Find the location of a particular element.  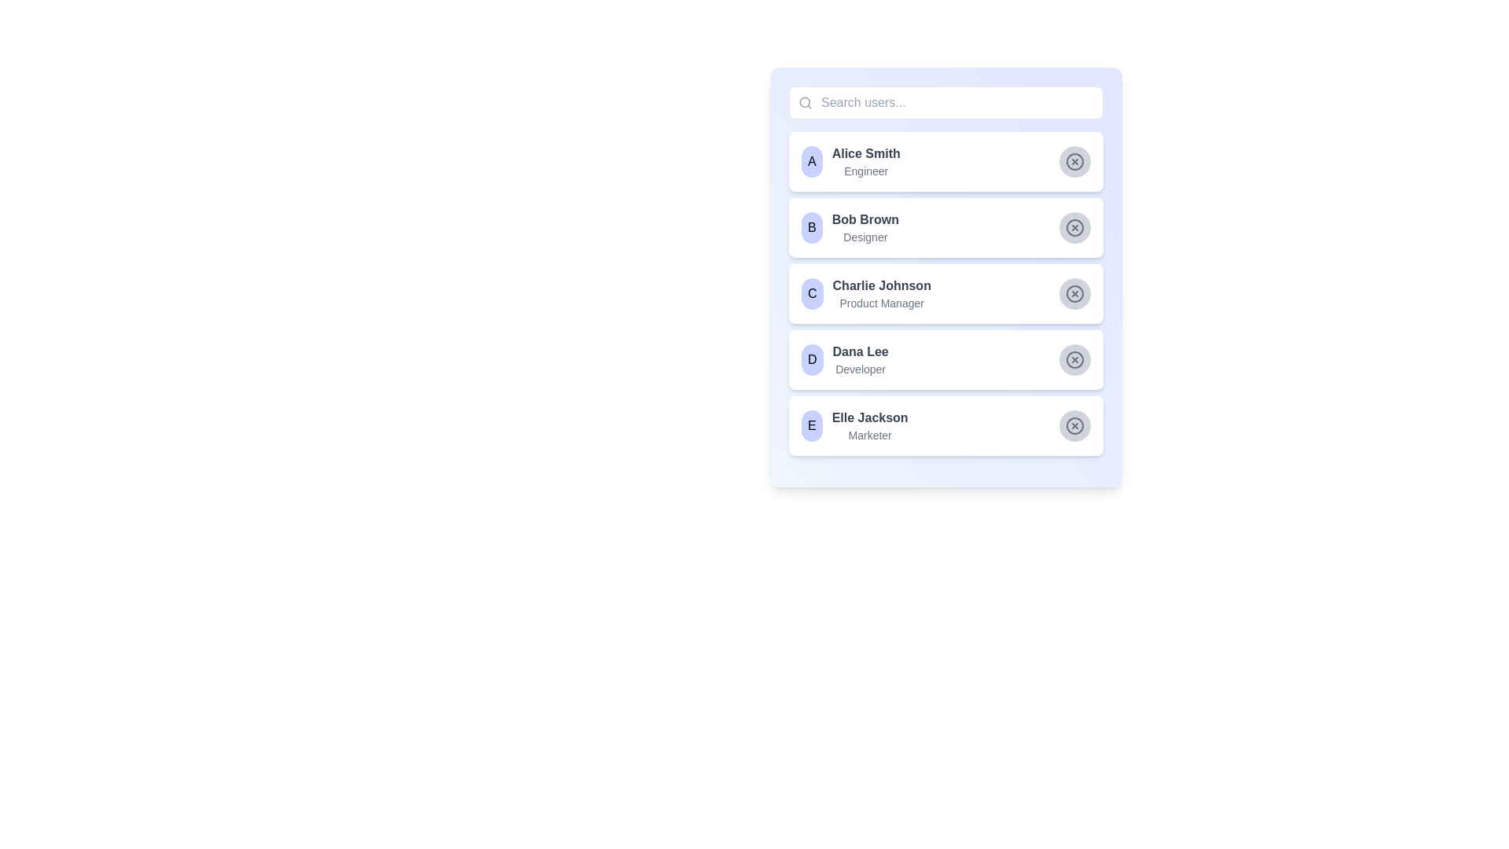

the circular gray button with an 'X' icon located to the far-right side of 'Alice Smith' in the first row is located at coordinates (1074, 161).